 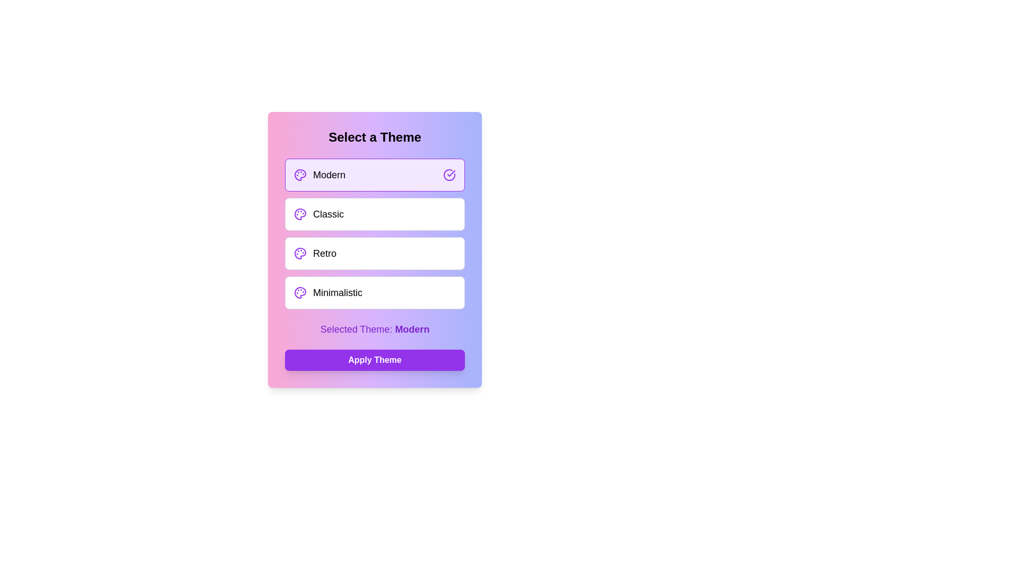 What do you see at coordinates (375, 136) in the screenshot?
I see `the bold, centered title text reading 'Select a Theme' which is styled with a large font size and positioned at the top of a card-like component` at bounding box center [375, 136].